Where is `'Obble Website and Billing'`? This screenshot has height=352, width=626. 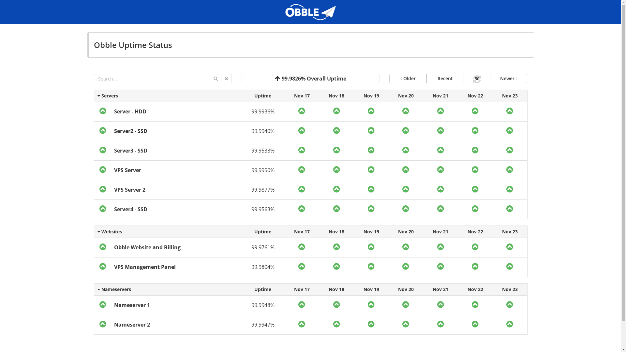
'Obble Website and Billing' is located at coordinates (114, 247).